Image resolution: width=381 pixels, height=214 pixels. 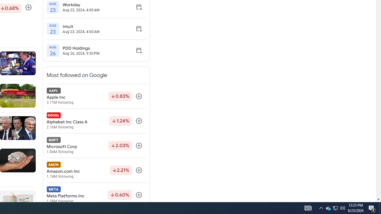 I want to click on 'Workday', so click(x=81, y=4).